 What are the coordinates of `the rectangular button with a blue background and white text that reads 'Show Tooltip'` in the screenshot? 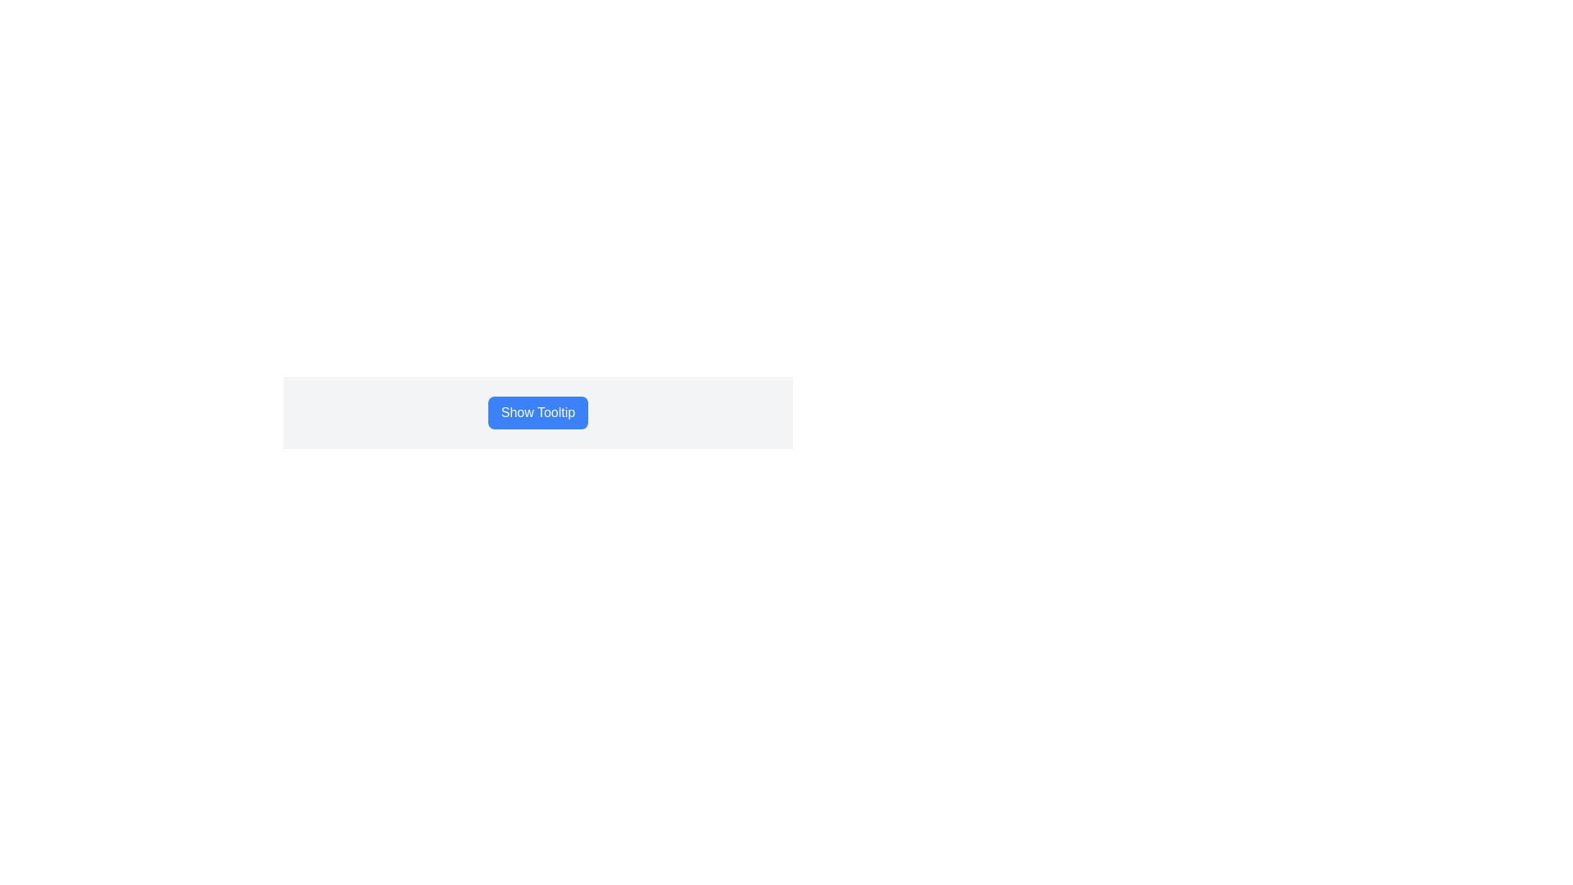 It's located at (538, 412).